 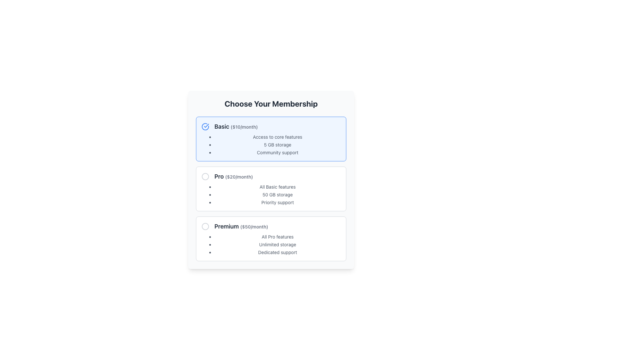 I want to click on the 'Premium ($50/month)' selectable card, which is the third membership option in a vertical stack, styled with a white background and a thin gray border, containing features listed in bullet points, so click(x=271, y=239).